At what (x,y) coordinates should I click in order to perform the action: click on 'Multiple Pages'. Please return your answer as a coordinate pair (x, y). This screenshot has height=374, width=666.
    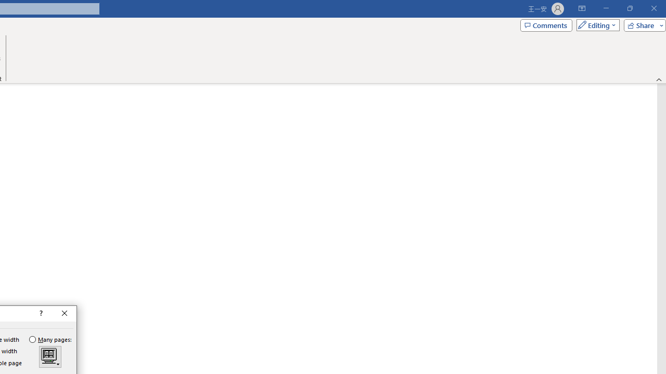
    Looking at the image, I should click on (49, 356).